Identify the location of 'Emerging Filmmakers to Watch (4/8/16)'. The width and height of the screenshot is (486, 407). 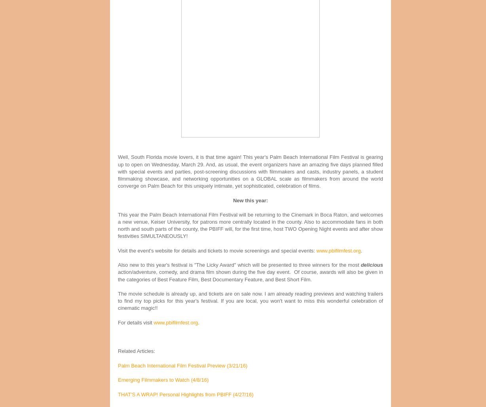
(163, 379).